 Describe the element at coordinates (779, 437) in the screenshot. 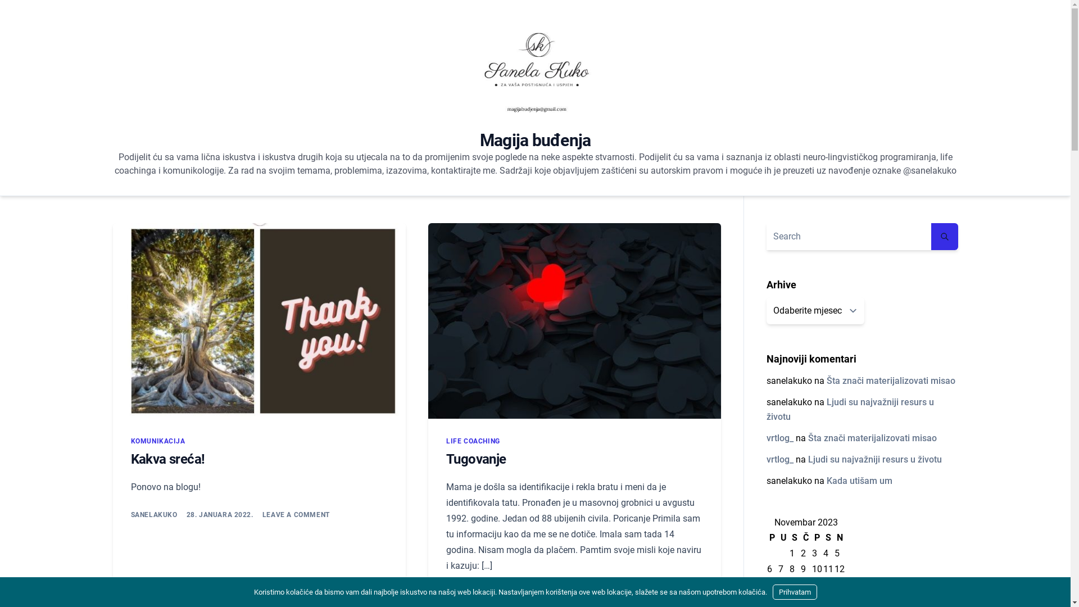

I see `'vrtlog_'` at that location.